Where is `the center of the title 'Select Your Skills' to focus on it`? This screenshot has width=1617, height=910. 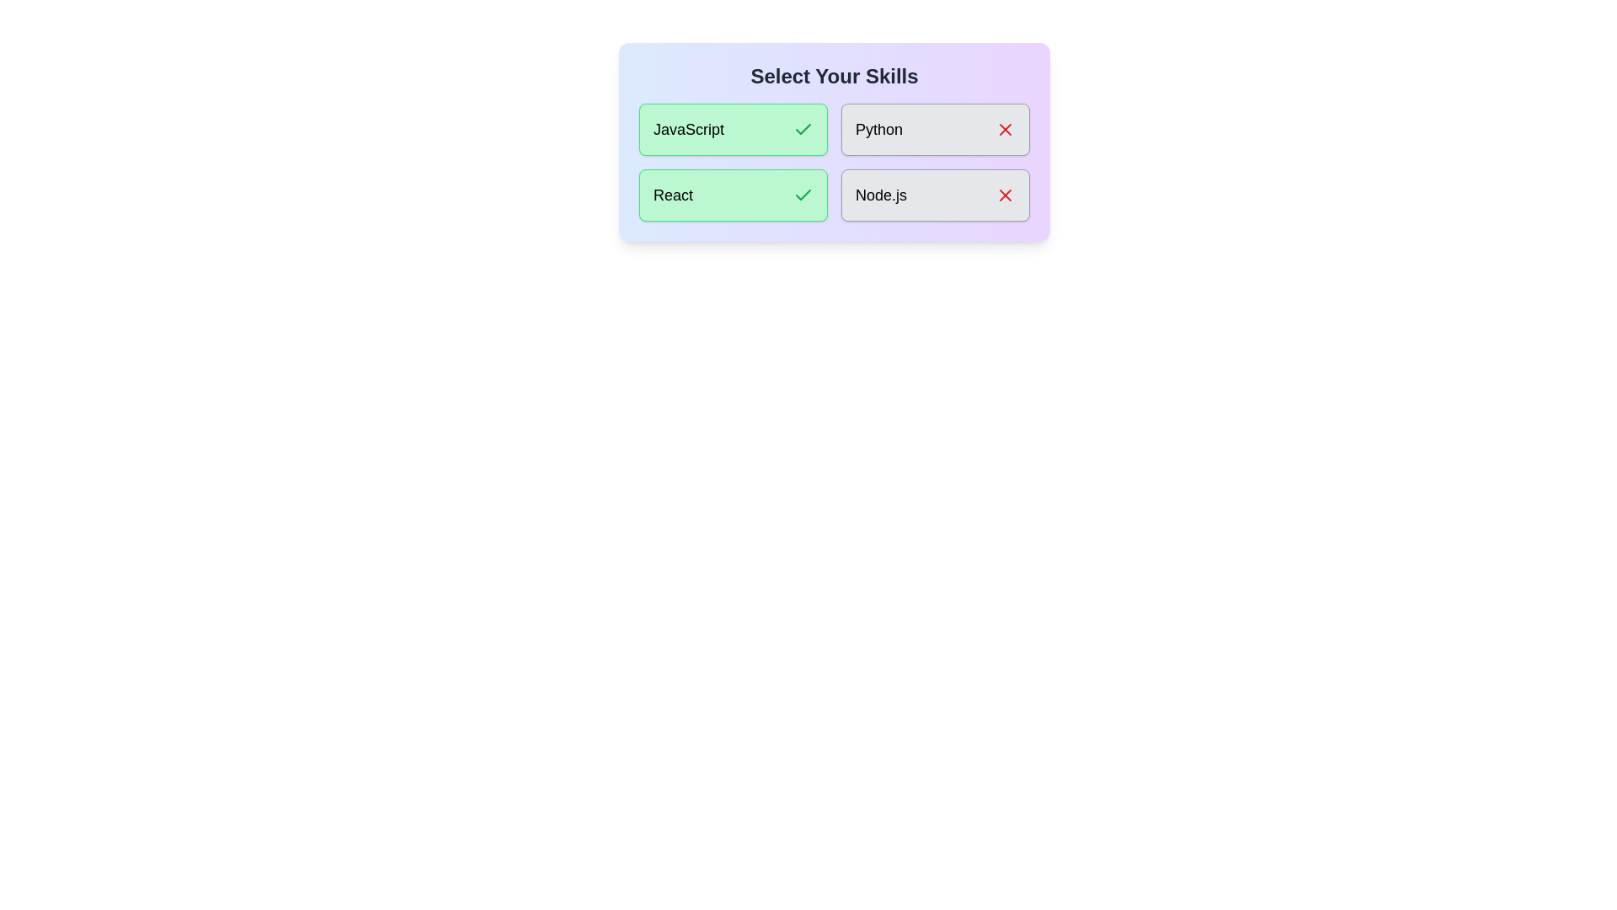
the center of the title 'Select Your Skills' to focus on it is located at coordinates (834, 77).